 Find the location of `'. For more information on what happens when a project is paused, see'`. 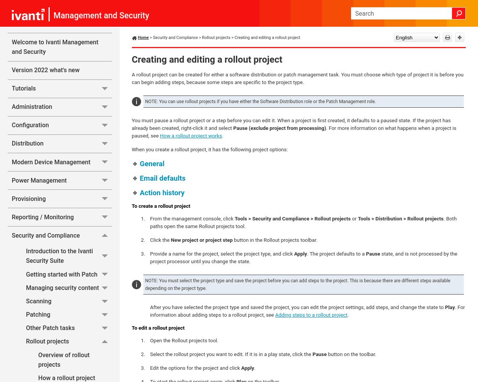

'. For more information on what happens when a project is paused, see' is located at coordinates (294, 131).